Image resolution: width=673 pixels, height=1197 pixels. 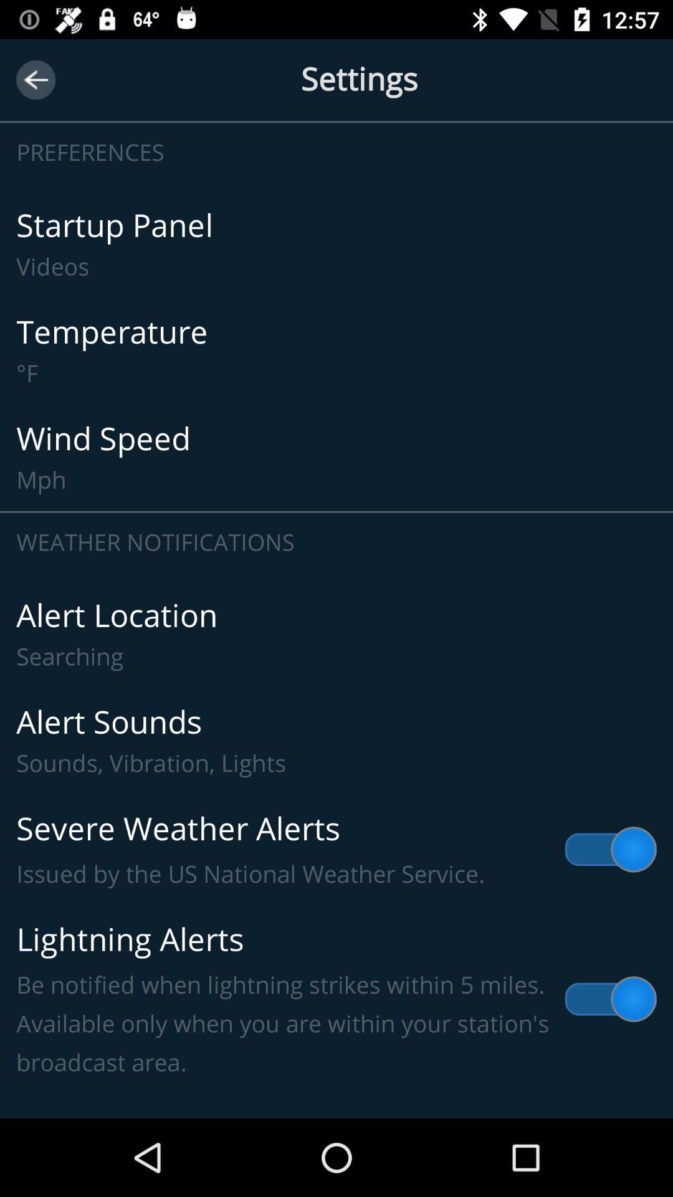 What do you see at coordinates (35, 79) in the screenshot?
I see `the icon to the left of settings item` at bounding box center [35, 79].